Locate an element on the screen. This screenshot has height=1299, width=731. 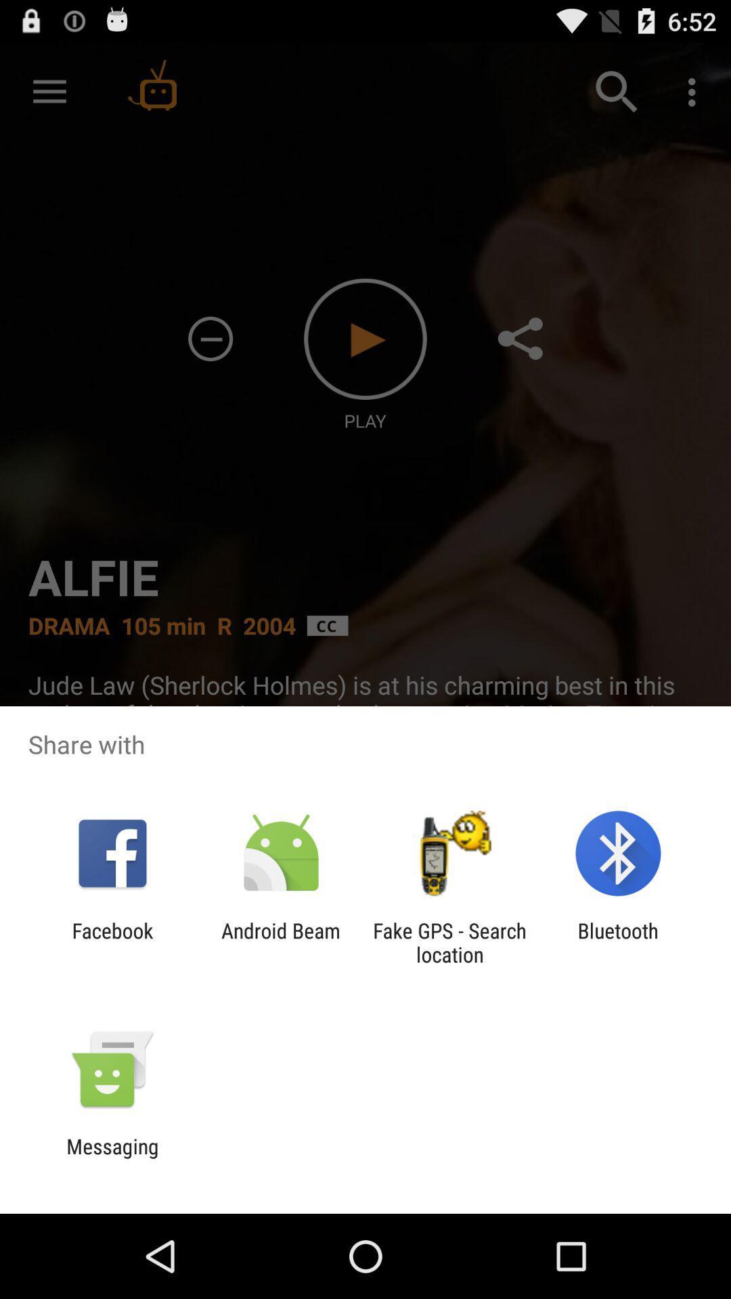
the icon to the left of fake gps search item is located at coordinates (280, 942).